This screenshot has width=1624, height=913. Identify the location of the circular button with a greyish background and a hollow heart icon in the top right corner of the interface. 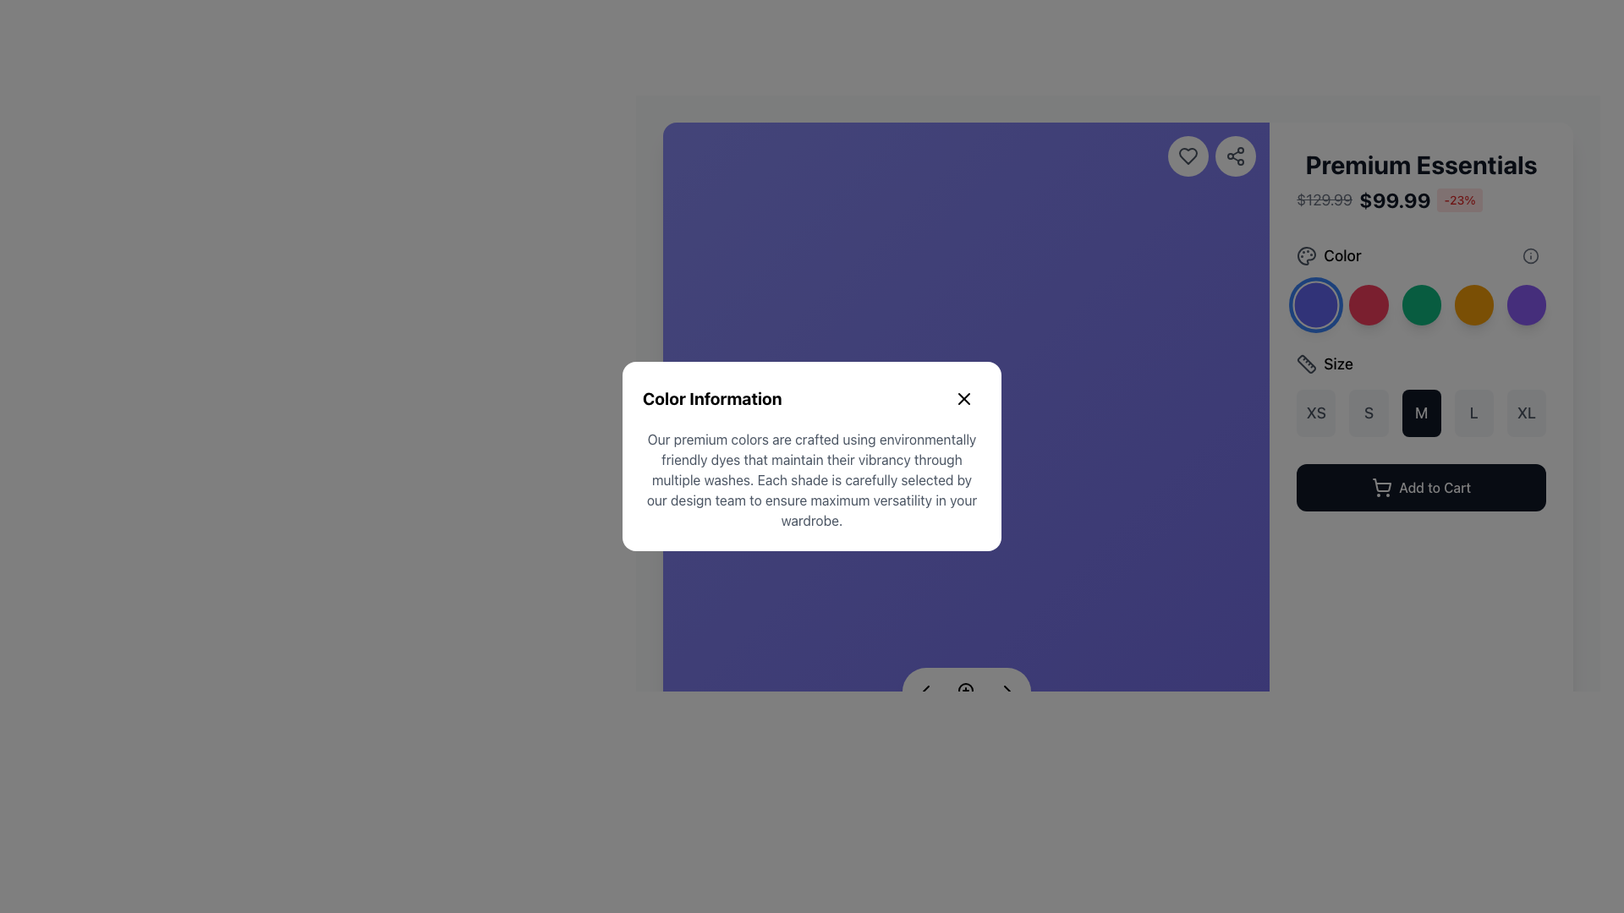
(1188, 156).